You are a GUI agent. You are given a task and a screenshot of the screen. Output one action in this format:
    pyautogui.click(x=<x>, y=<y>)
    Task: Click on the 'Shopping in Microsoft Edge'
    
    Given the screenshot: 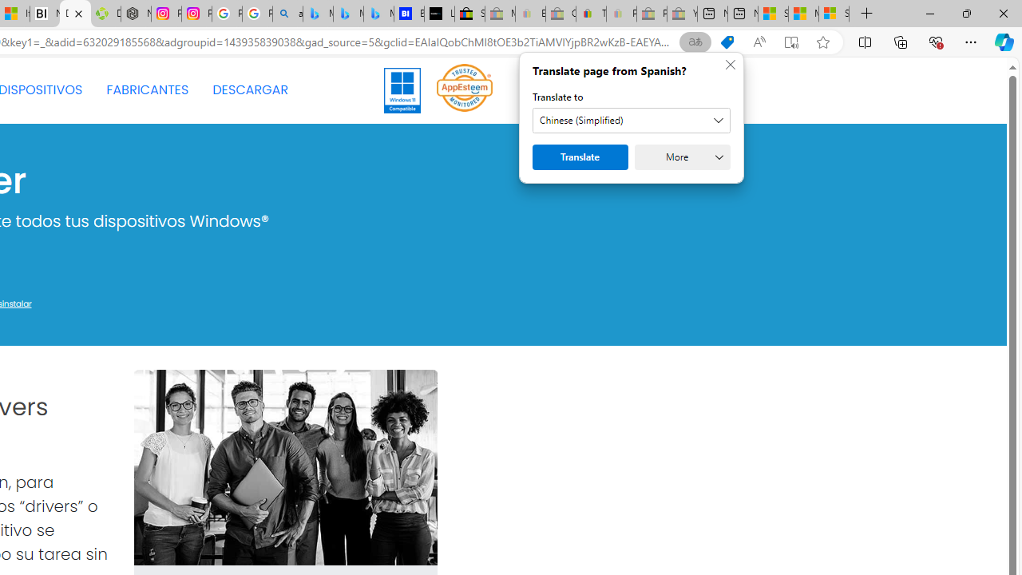 What is the action you would take?
    pyautogui.click(x=726, y=42)
    